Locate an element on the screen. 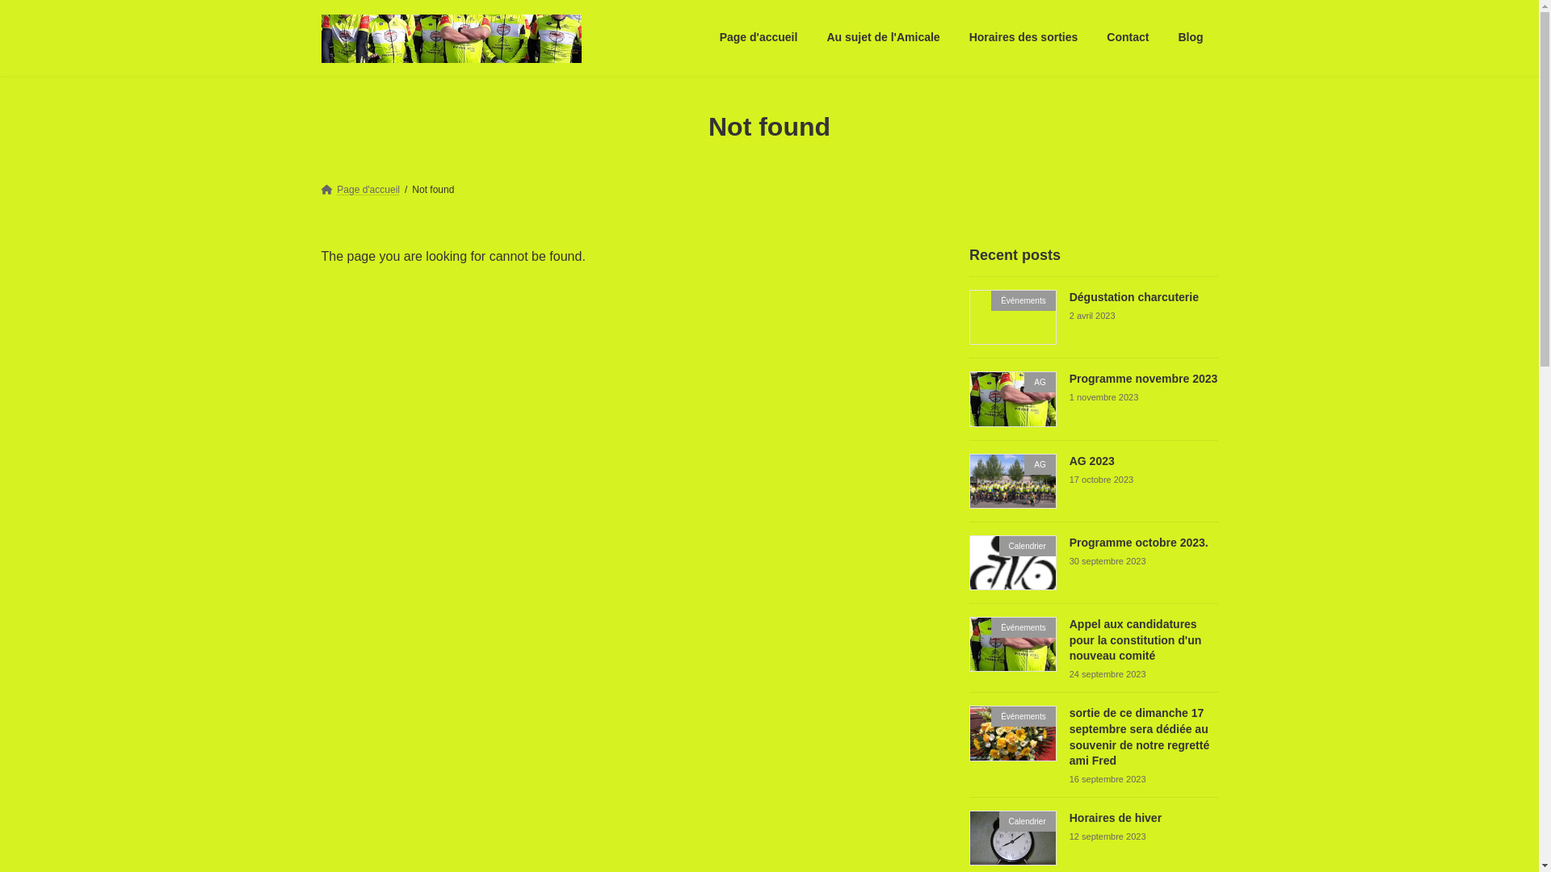 The width and height of the screenshot is (1551, 872). 'Horaires des sorties' is located at coordinates (954, 36).